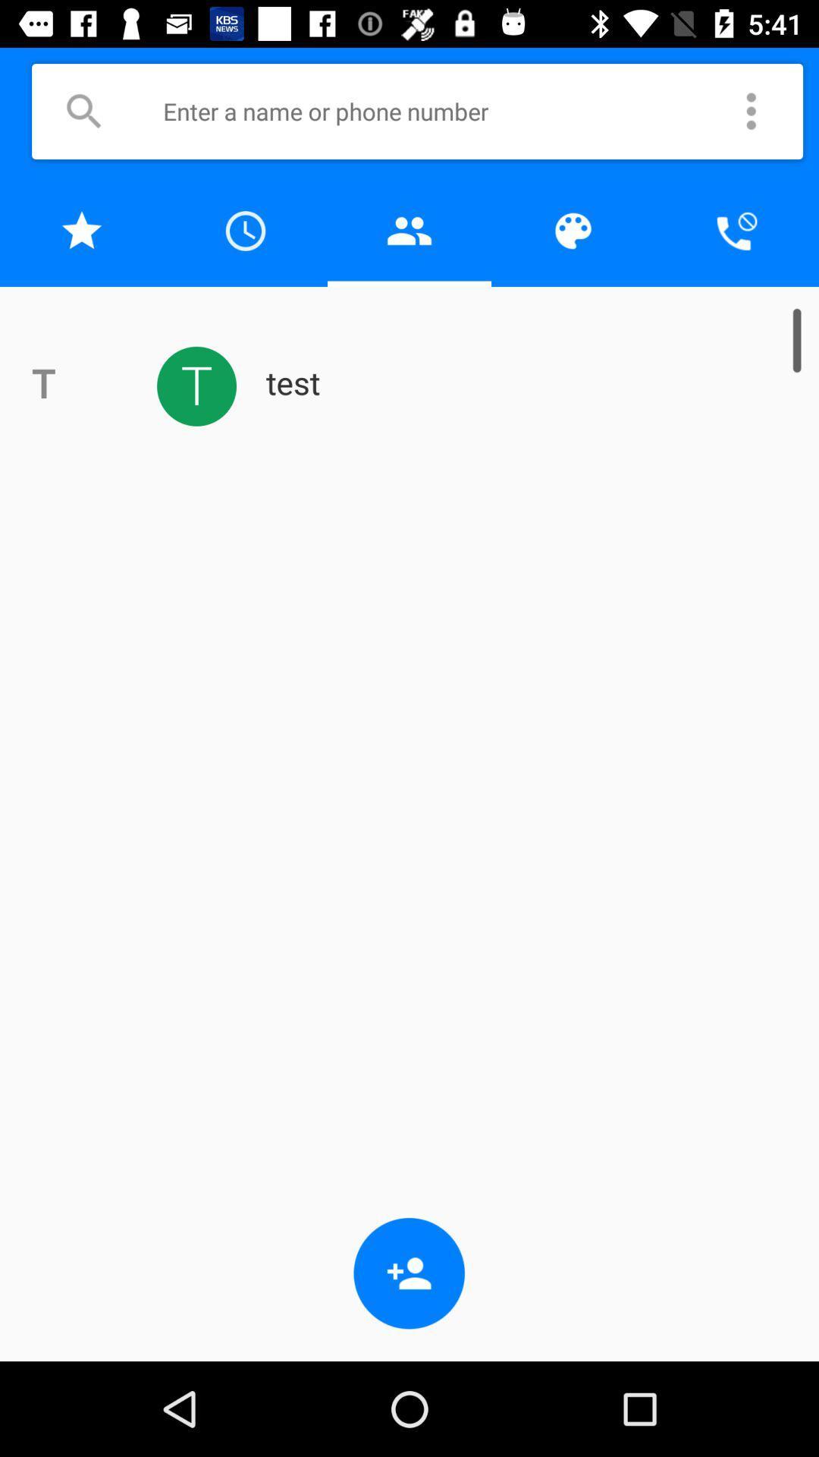 This screenshot has height=1457, width=819. What do you see at coordinates (573, 230) in the screenshot?
I see `the icon above the test icon` at bounding box center [573, 230].